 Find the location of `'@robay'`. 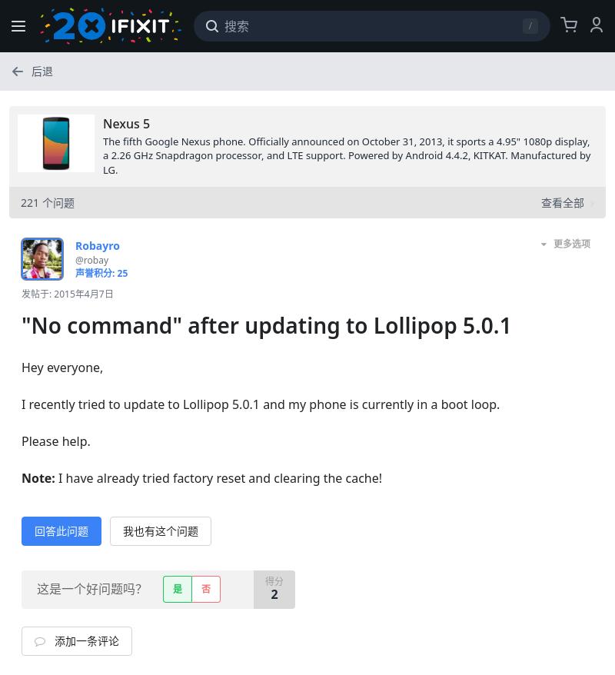

'@robay' is located at coordinates (91, 259).